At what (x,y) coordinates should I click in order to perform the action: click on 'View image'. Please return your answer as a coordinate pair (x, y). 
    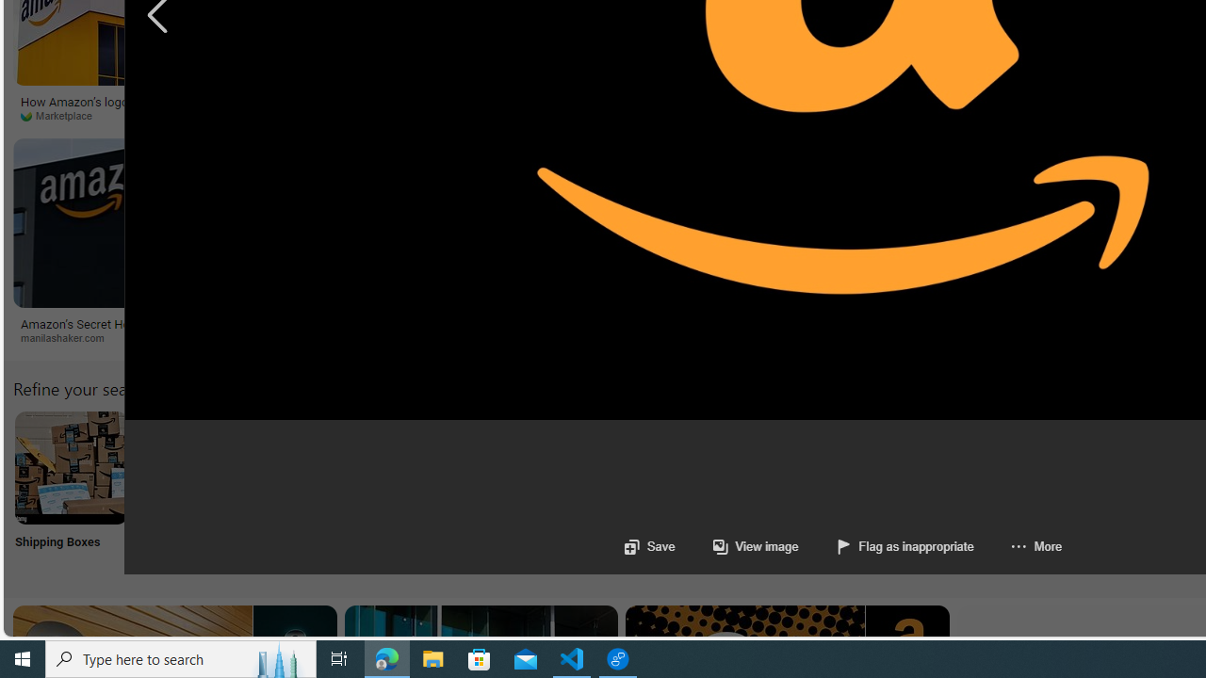
    Looking at the image, I should click on (755, 546).